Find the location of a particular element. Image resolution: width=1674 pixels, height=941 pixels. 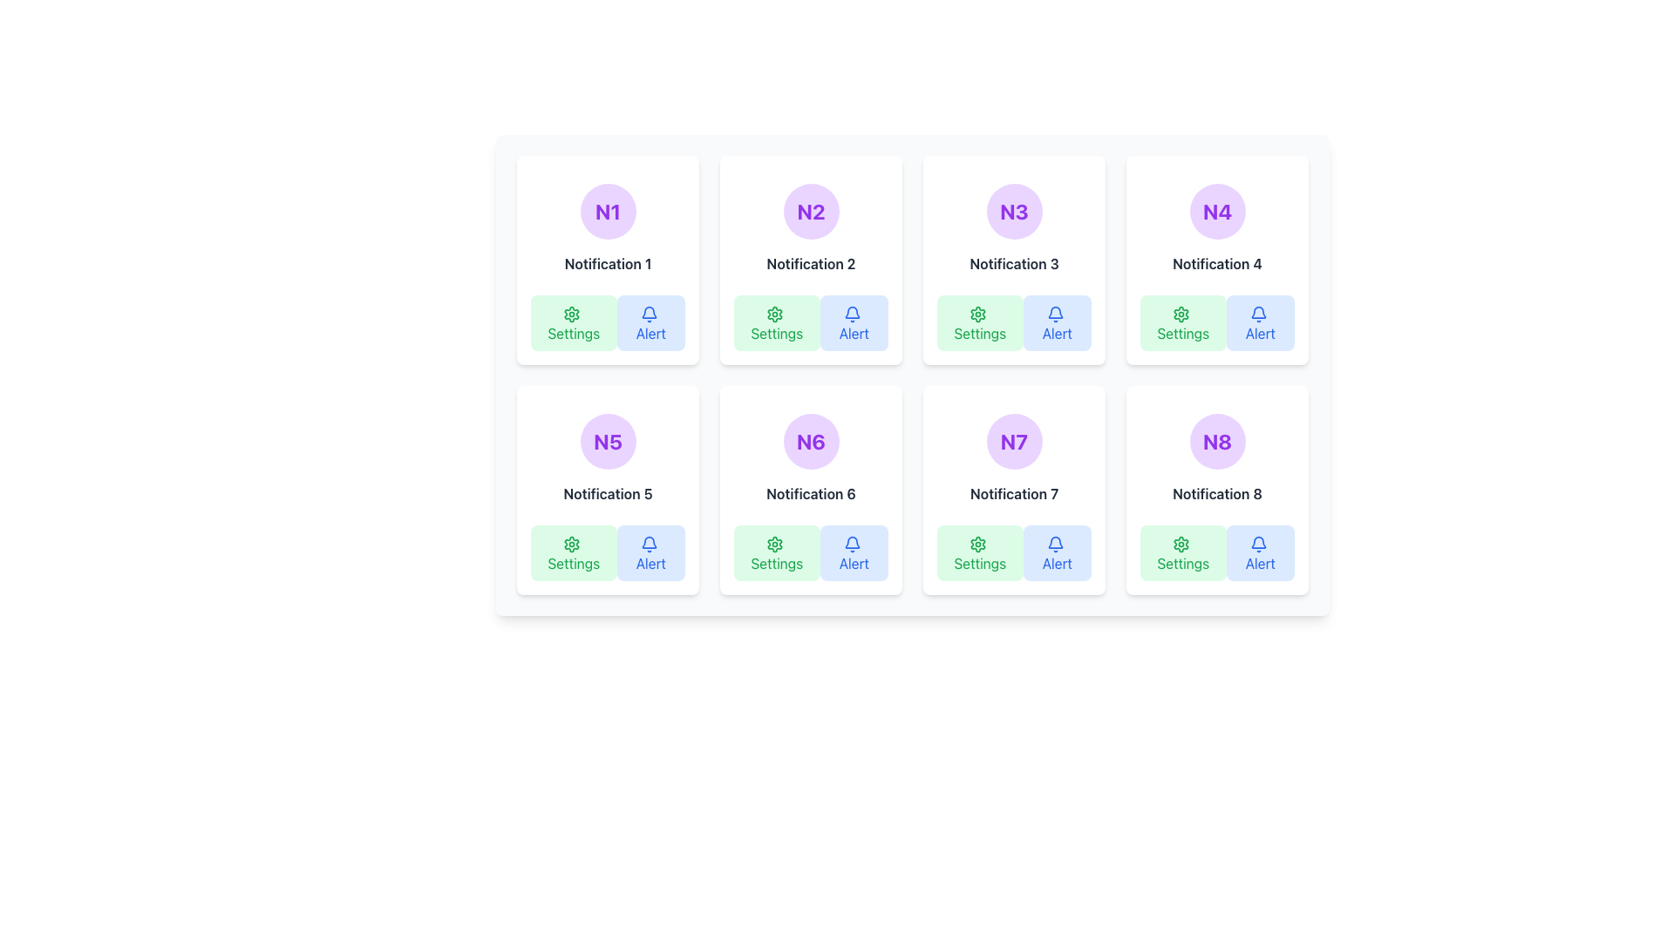

the text label for 'Notification 2', which is positioned in the middle of the card layout, directly below the circular label 'N2' is located at coordinates (810, 264).